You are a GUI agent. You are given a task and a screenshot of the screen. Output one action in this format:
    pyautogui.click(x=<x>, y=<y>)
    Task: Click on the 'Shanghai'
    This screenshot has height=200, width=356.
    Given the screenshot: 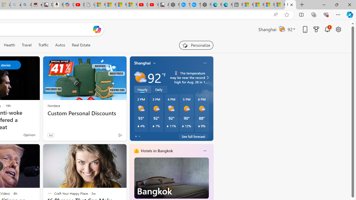 What is the action you would take?
    pyautogui.click(x=142, y=63)
    